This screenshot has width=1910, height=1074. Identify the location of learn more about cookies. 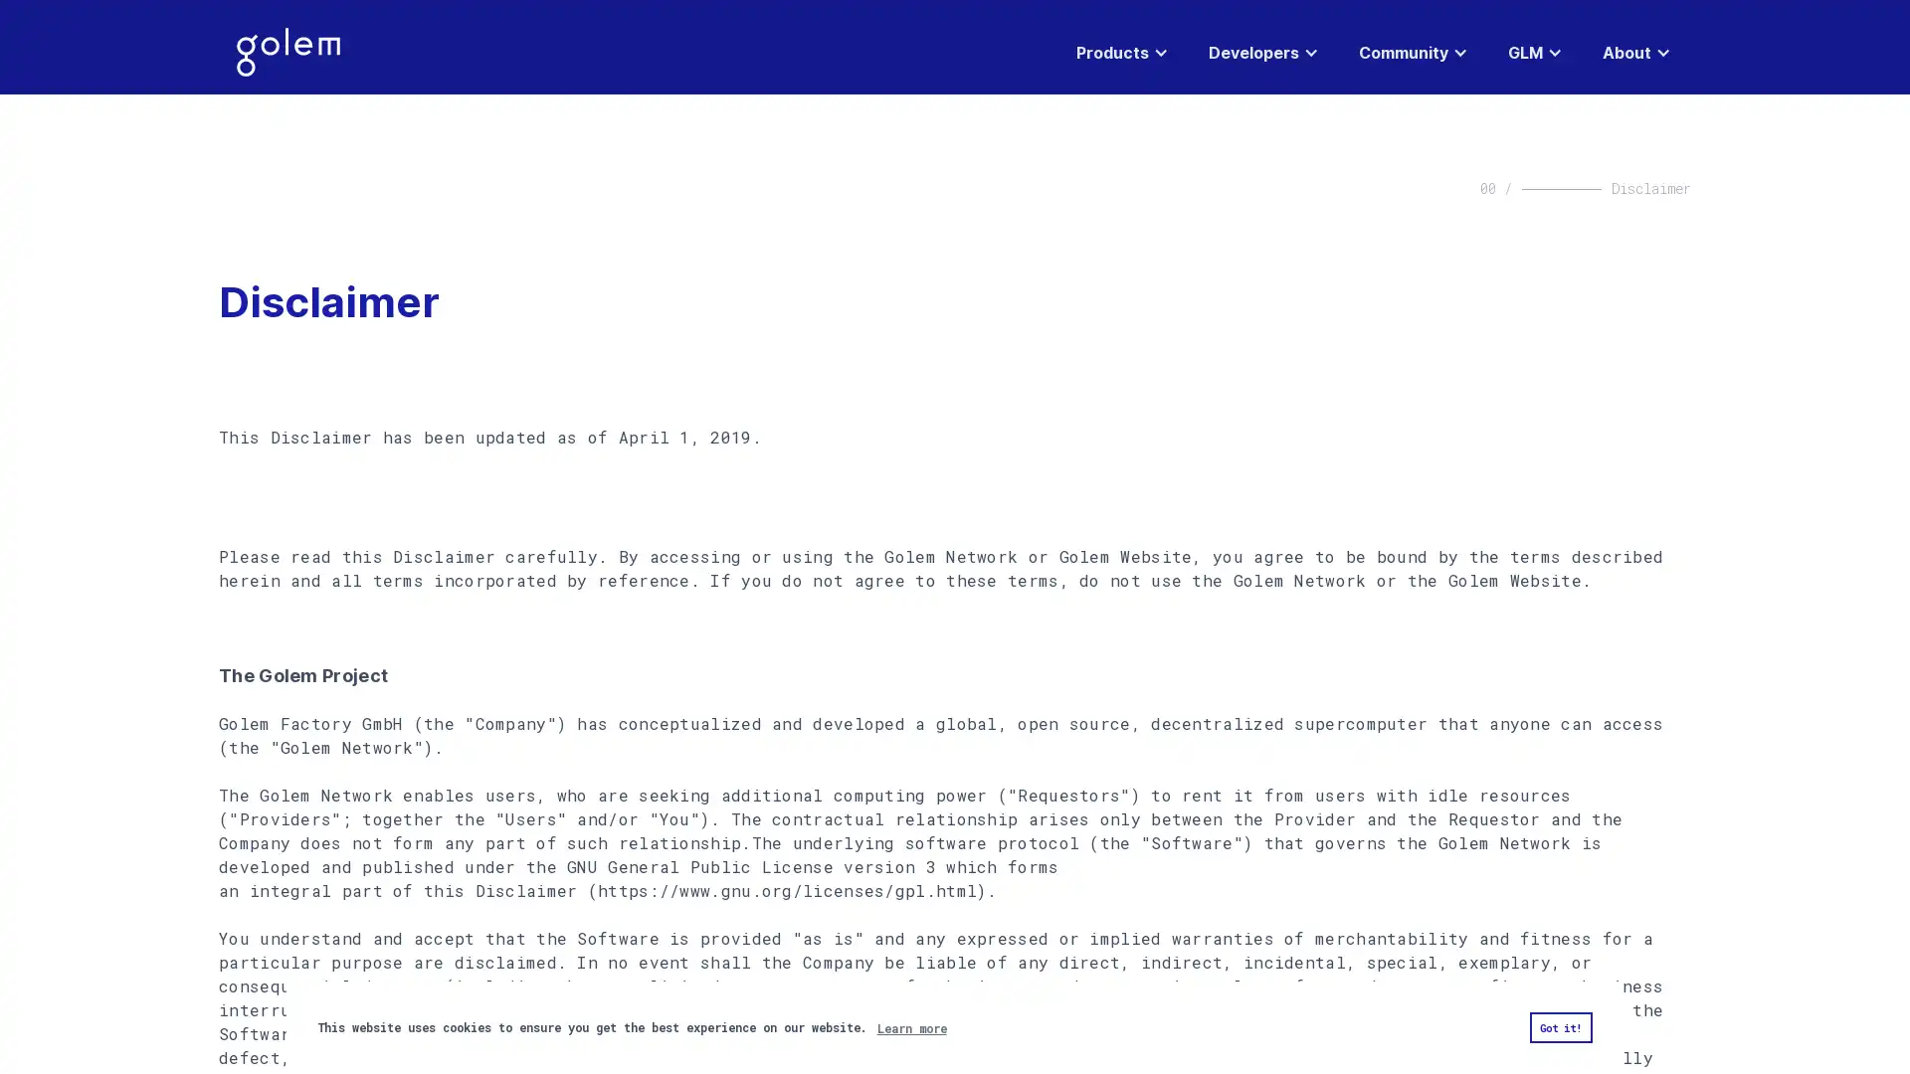
(910, 1027).